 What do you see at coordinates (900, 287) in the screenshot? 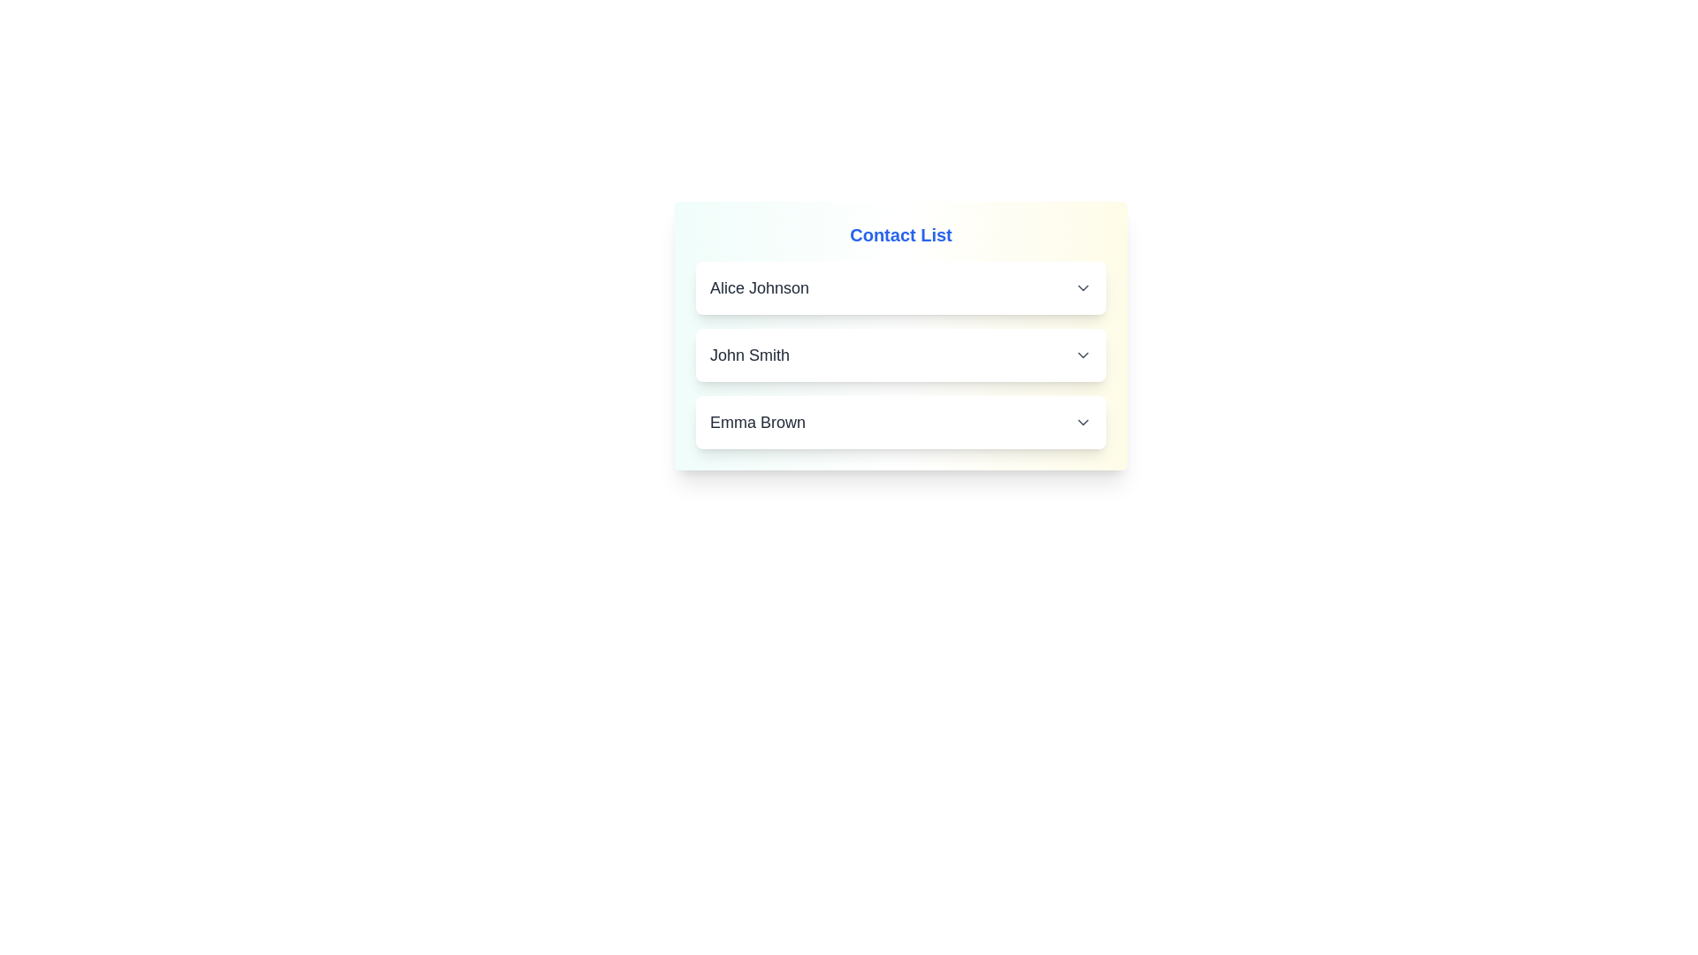
I see `the contact name Alice Johnson to reveal its details` at bounding box center [900, 287].